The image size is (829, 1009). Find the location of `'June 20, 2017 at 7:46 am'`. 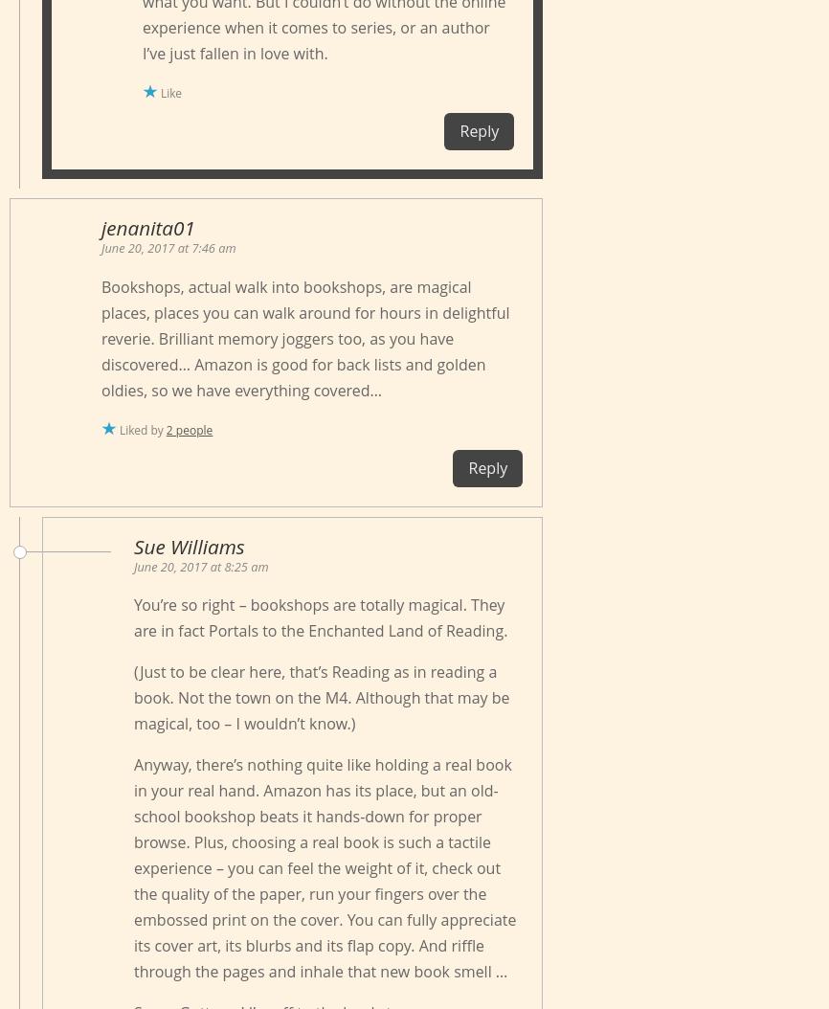

'June 20, 2017 at 7:46 am' is located at coordinates (101, 247).